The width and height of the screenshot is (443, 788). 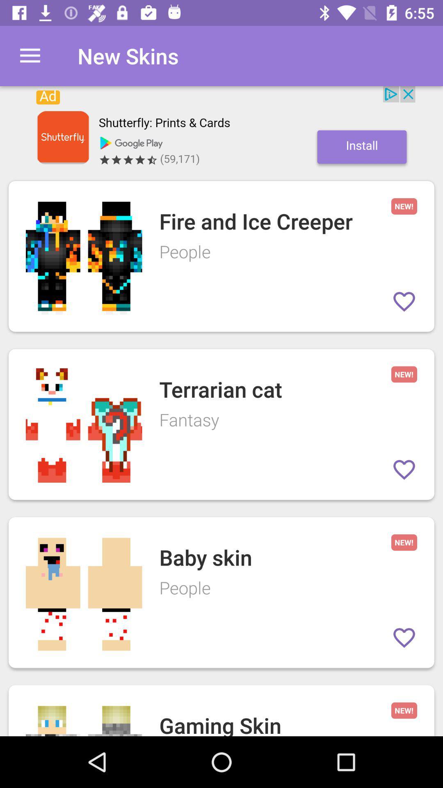 What do you see at coordinates (221, 129) in the screenshot?
I see `application` at bounding box center [221, 129].